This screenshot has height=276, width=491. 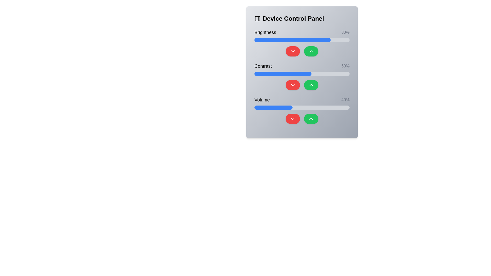 What do you see at coordinates (299, 107) in the screenshot?
I see `the progress of the slider` at bounding box center [299, 107].